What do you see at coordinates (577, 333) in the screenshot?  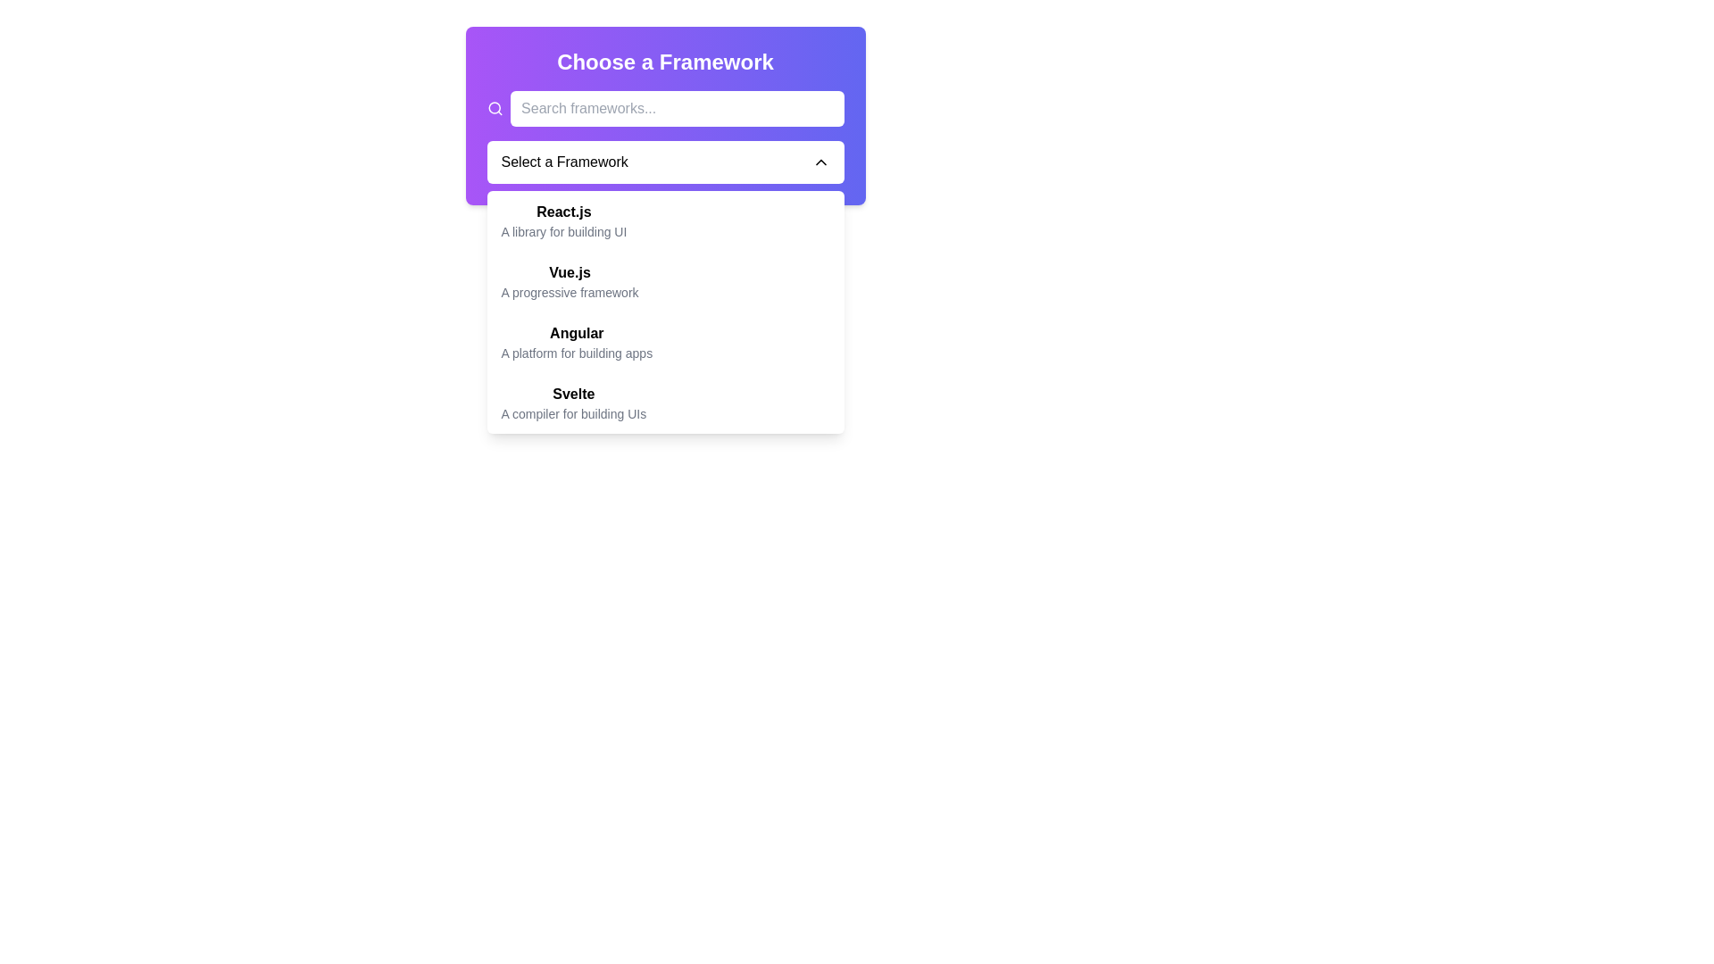 I see `the bold black text label reading 'Angular', which is the title of a framework option in the dropdown list titled 'Select a Framework'` at bounding box center [577, 333].